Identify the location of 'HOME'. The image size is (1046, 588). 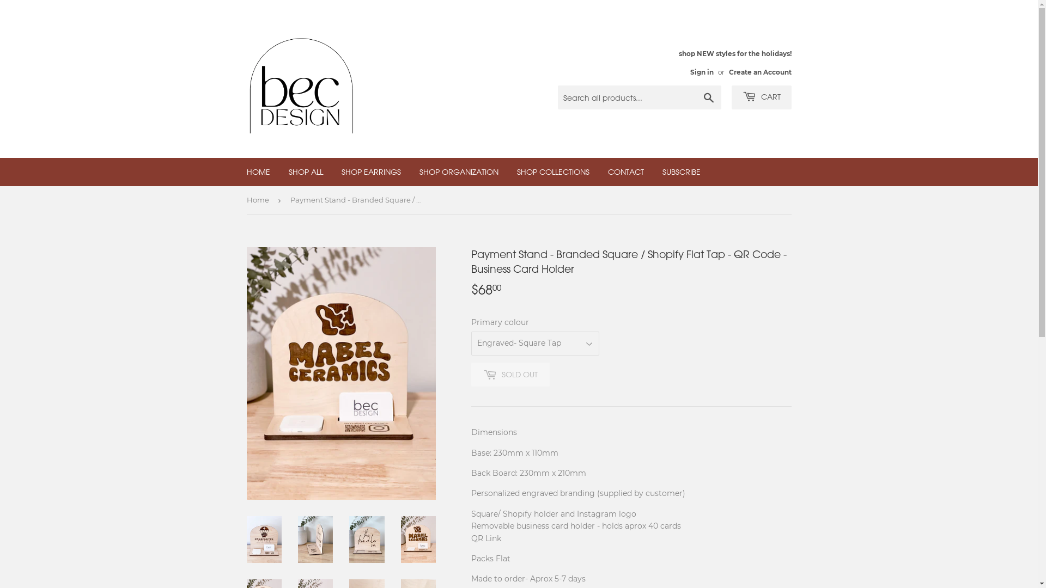
(258, 171).